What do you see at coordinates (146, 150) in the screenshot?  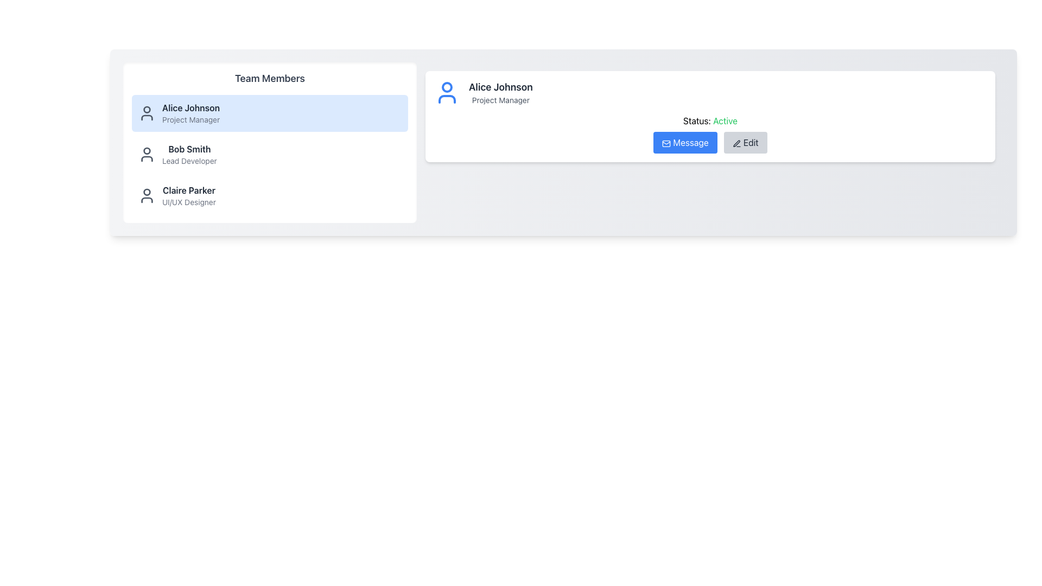 I see `SVG Circle representing the user's head in the user profile icon next to 'Alice Johnson' in the 'Team Members' section for debugging purposes` at bounding box center [146, 150].